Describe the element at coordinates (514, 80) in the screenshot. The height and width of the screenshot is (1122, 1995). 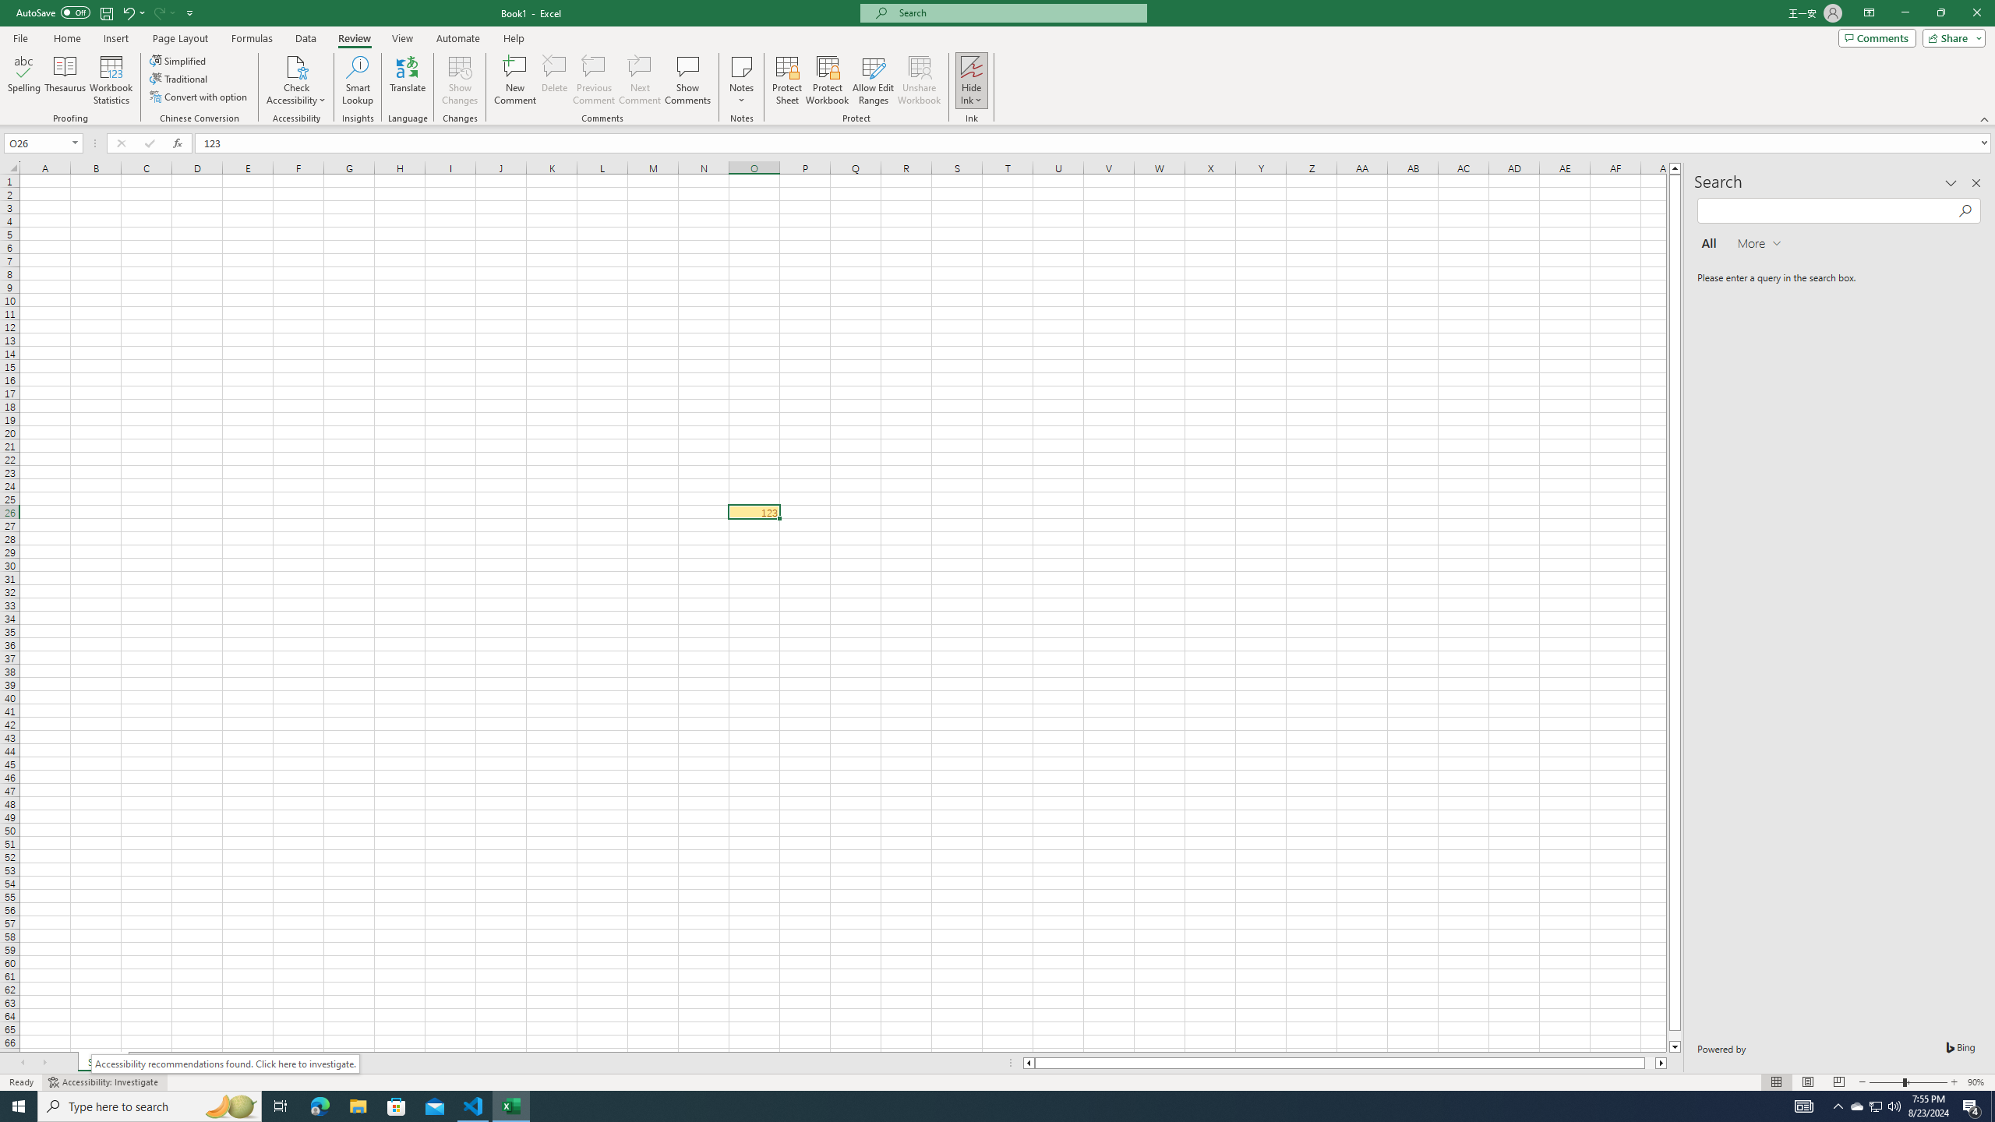
I see `'New Comment'` at that location.